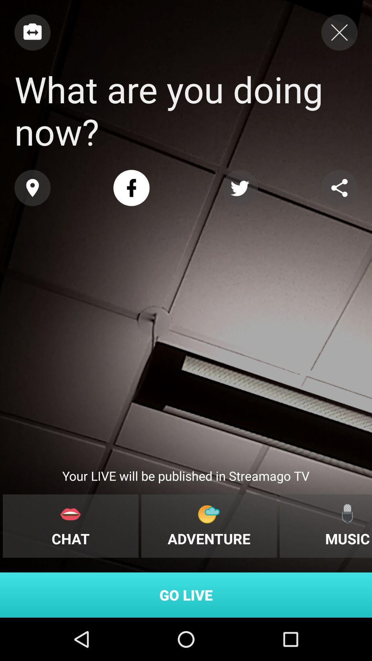  What do you see at coordinates (239, 188) in the screenshot?
I see `the twitter icon` at bounding box center [239, 188].